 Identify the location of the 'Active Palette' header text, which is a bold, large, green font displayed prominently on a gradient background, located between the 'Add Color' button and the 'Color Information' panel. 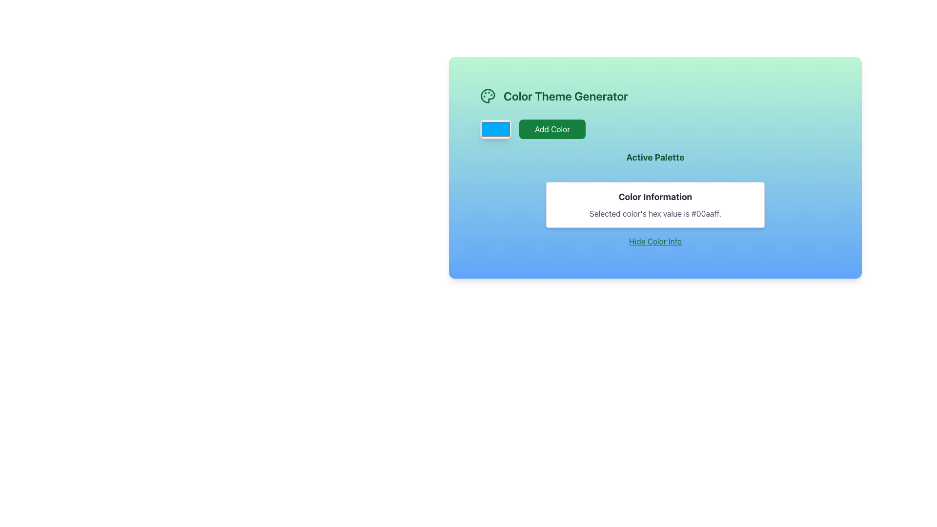
(655, 157).